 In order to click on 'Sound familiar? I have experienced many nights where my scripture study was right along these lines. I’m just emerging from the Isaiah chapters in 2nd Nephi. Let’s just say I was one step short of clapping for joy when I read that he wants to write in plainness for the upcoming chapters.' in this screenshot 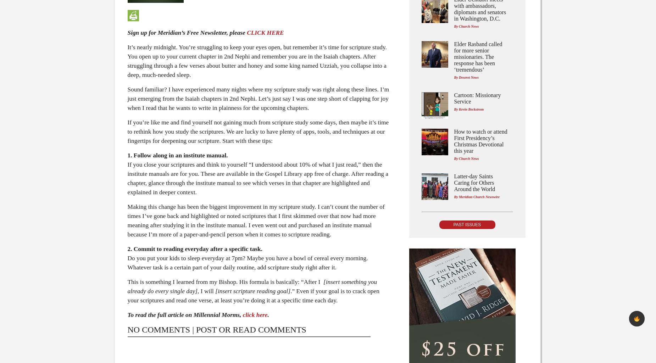, I will do `click(258, 99)`.